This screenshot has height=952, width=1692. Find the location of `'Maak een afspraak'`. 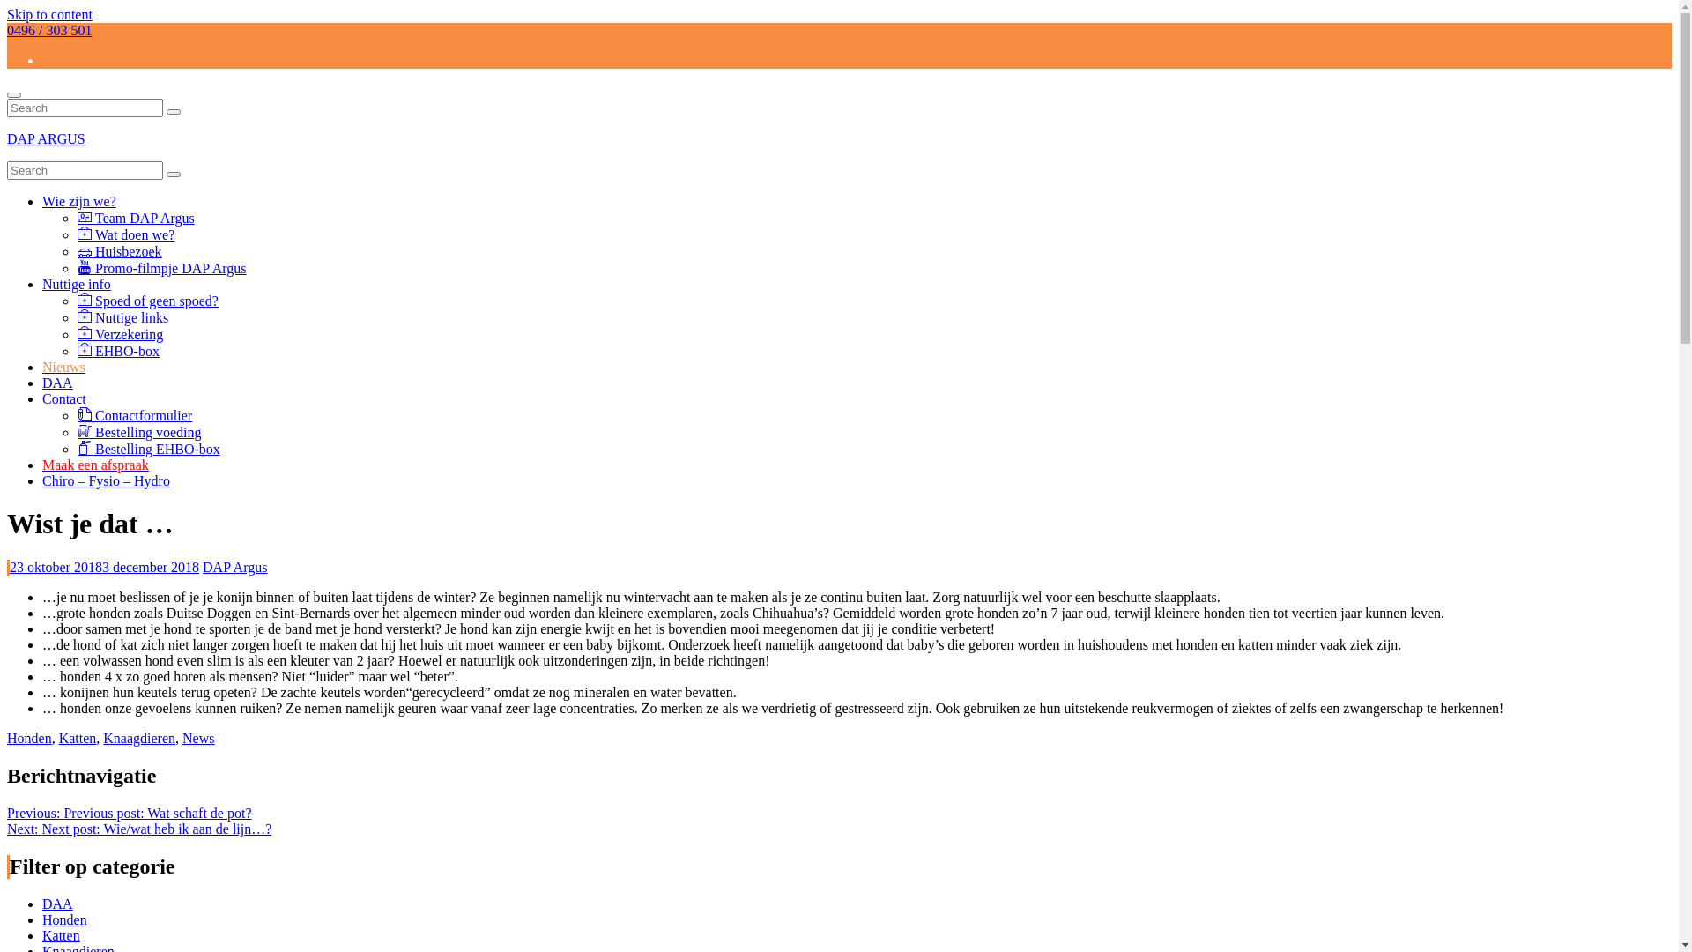

'Maak een afspraak' is located at coordinates (42, 464).